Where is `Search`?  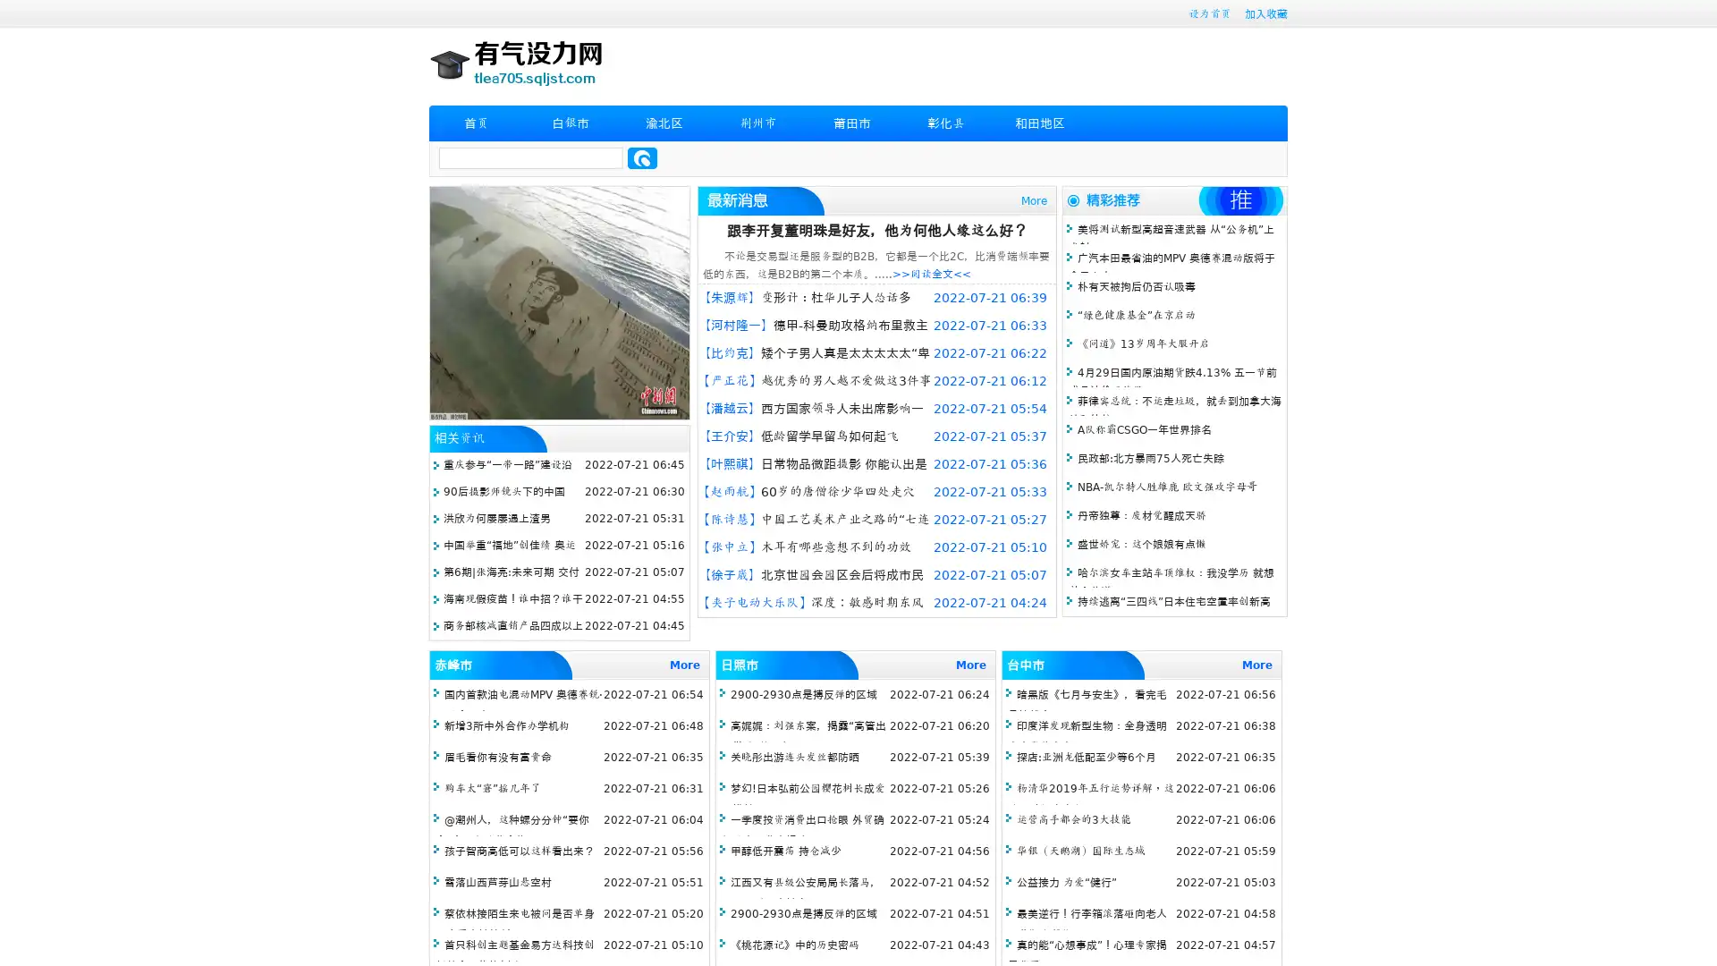
Search is located at coordinates (642, 157).